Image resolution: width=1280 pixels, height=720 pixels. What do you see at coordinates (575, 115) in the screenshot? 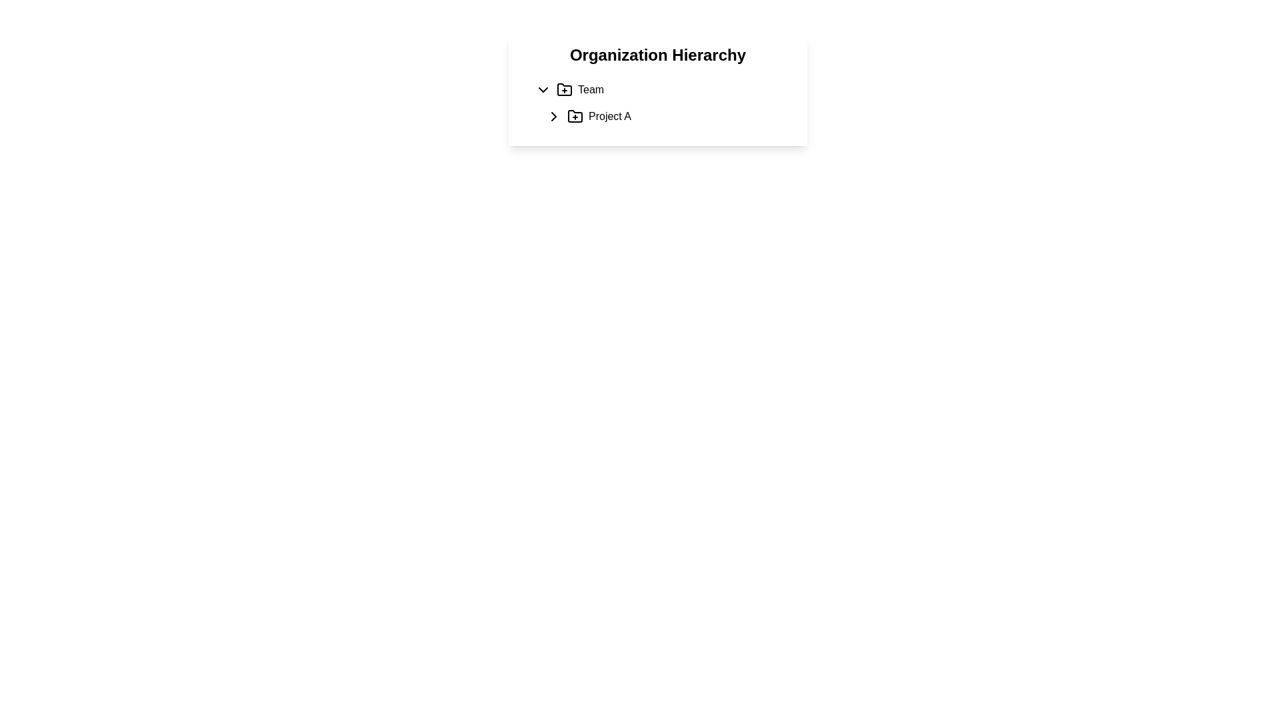
I see `the folder-shaped icon with a plus sign at its center, located to the left of the text labeled 'Project A'` at bounding box center [575, 115].